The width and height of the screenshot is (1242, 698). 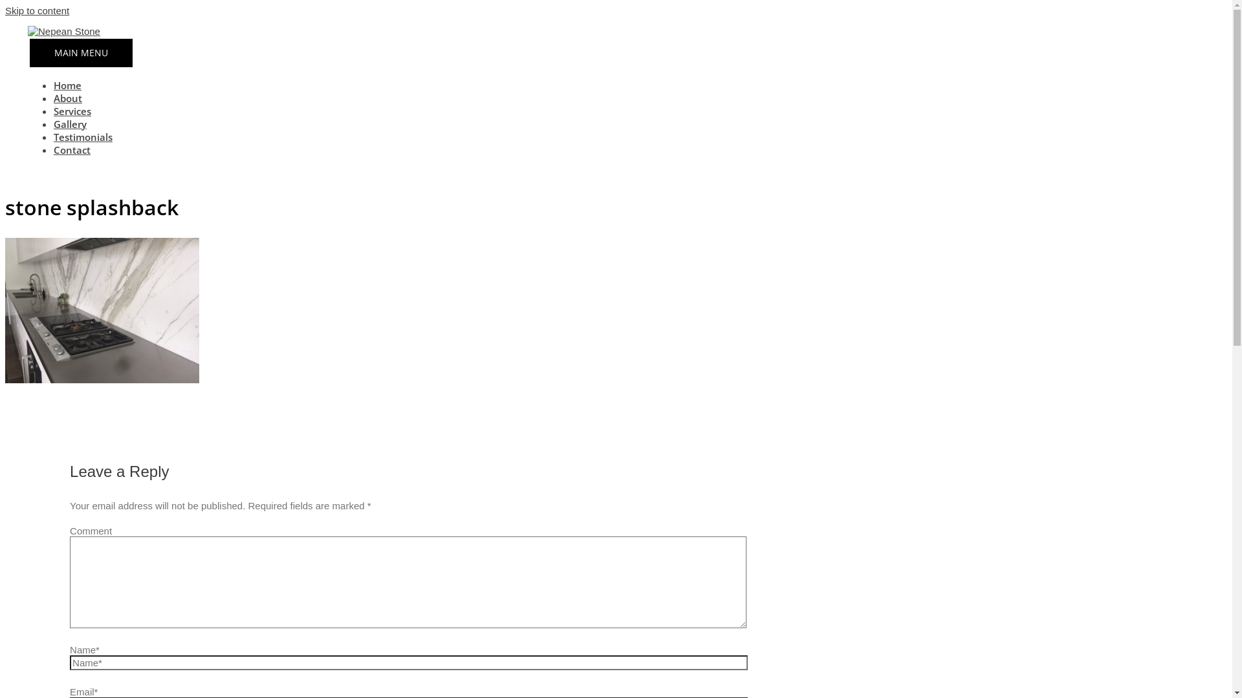 What do you see at coordinates (52, 97) in the screenshot?
I see `'About'` at bounding box center [52, 97].